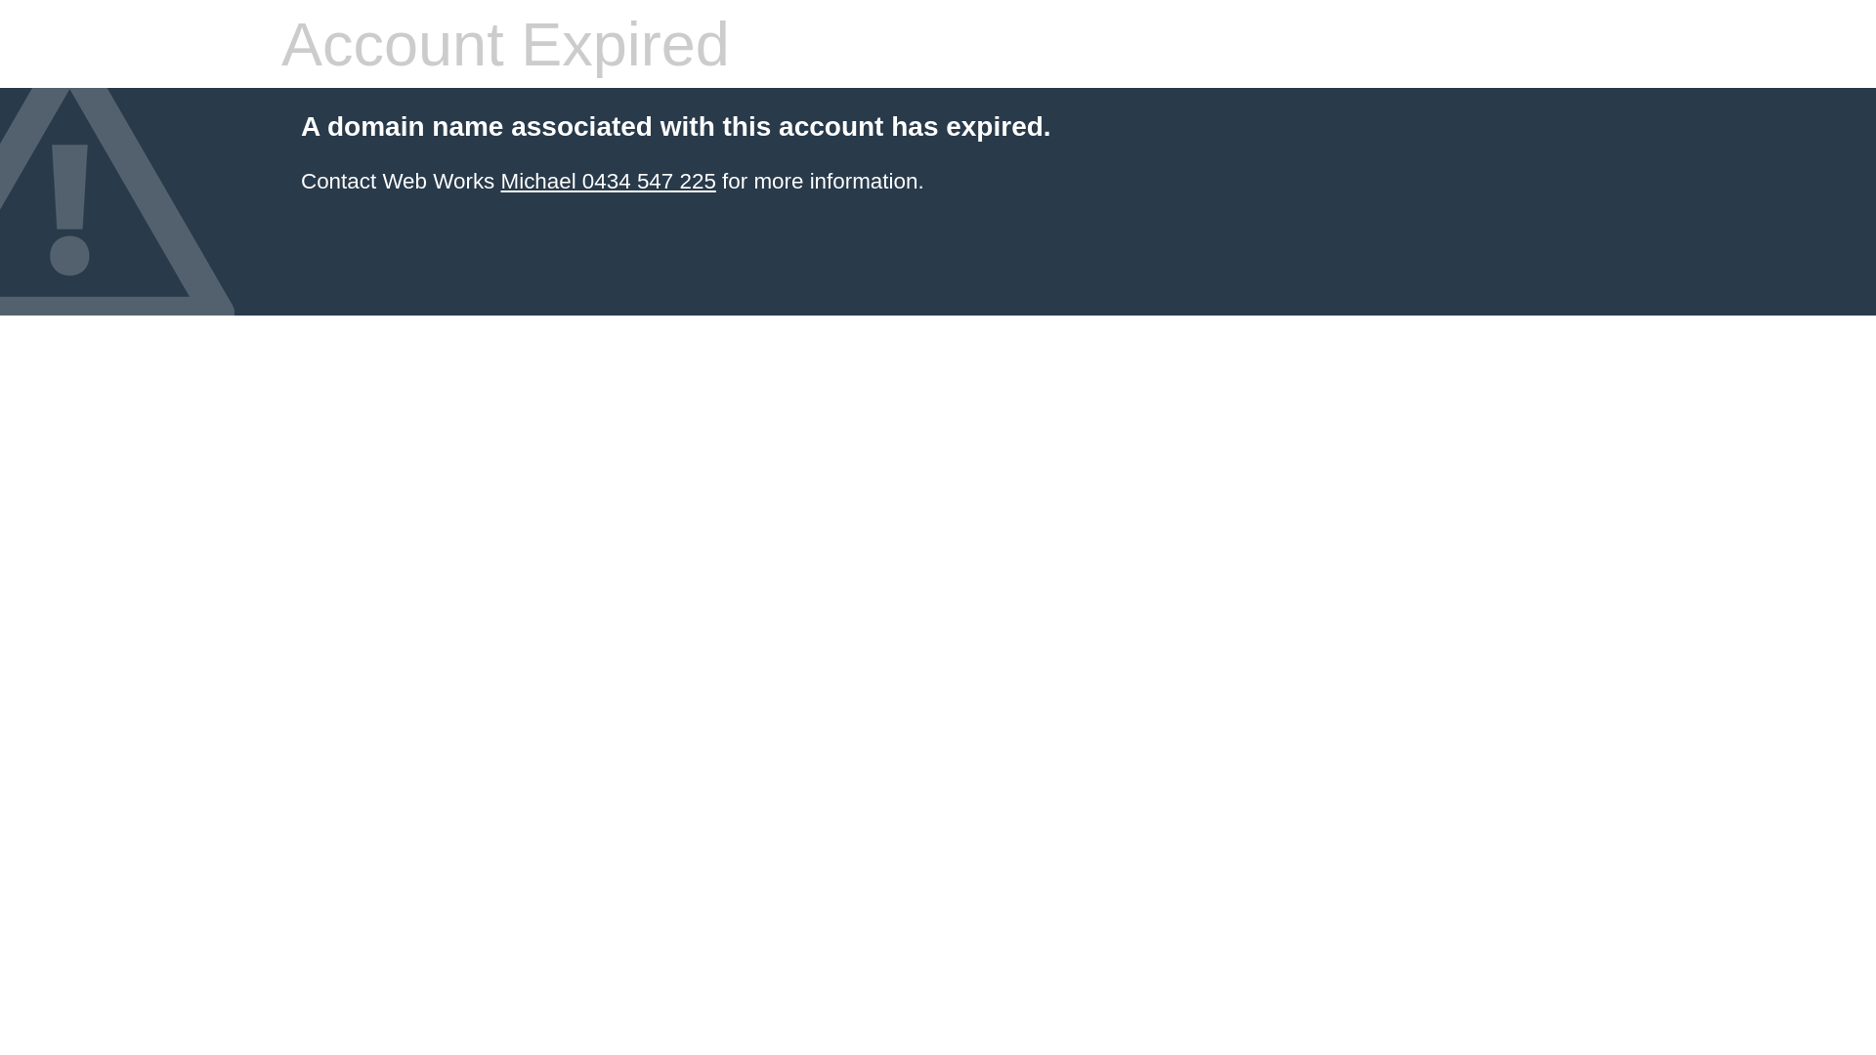 This screenshot has width=1876, height=1055. What do you see at coordinates (500, 181) in the screenshot?
I see `'Michael 0434 547 225'` at bounding box center [500, 181].